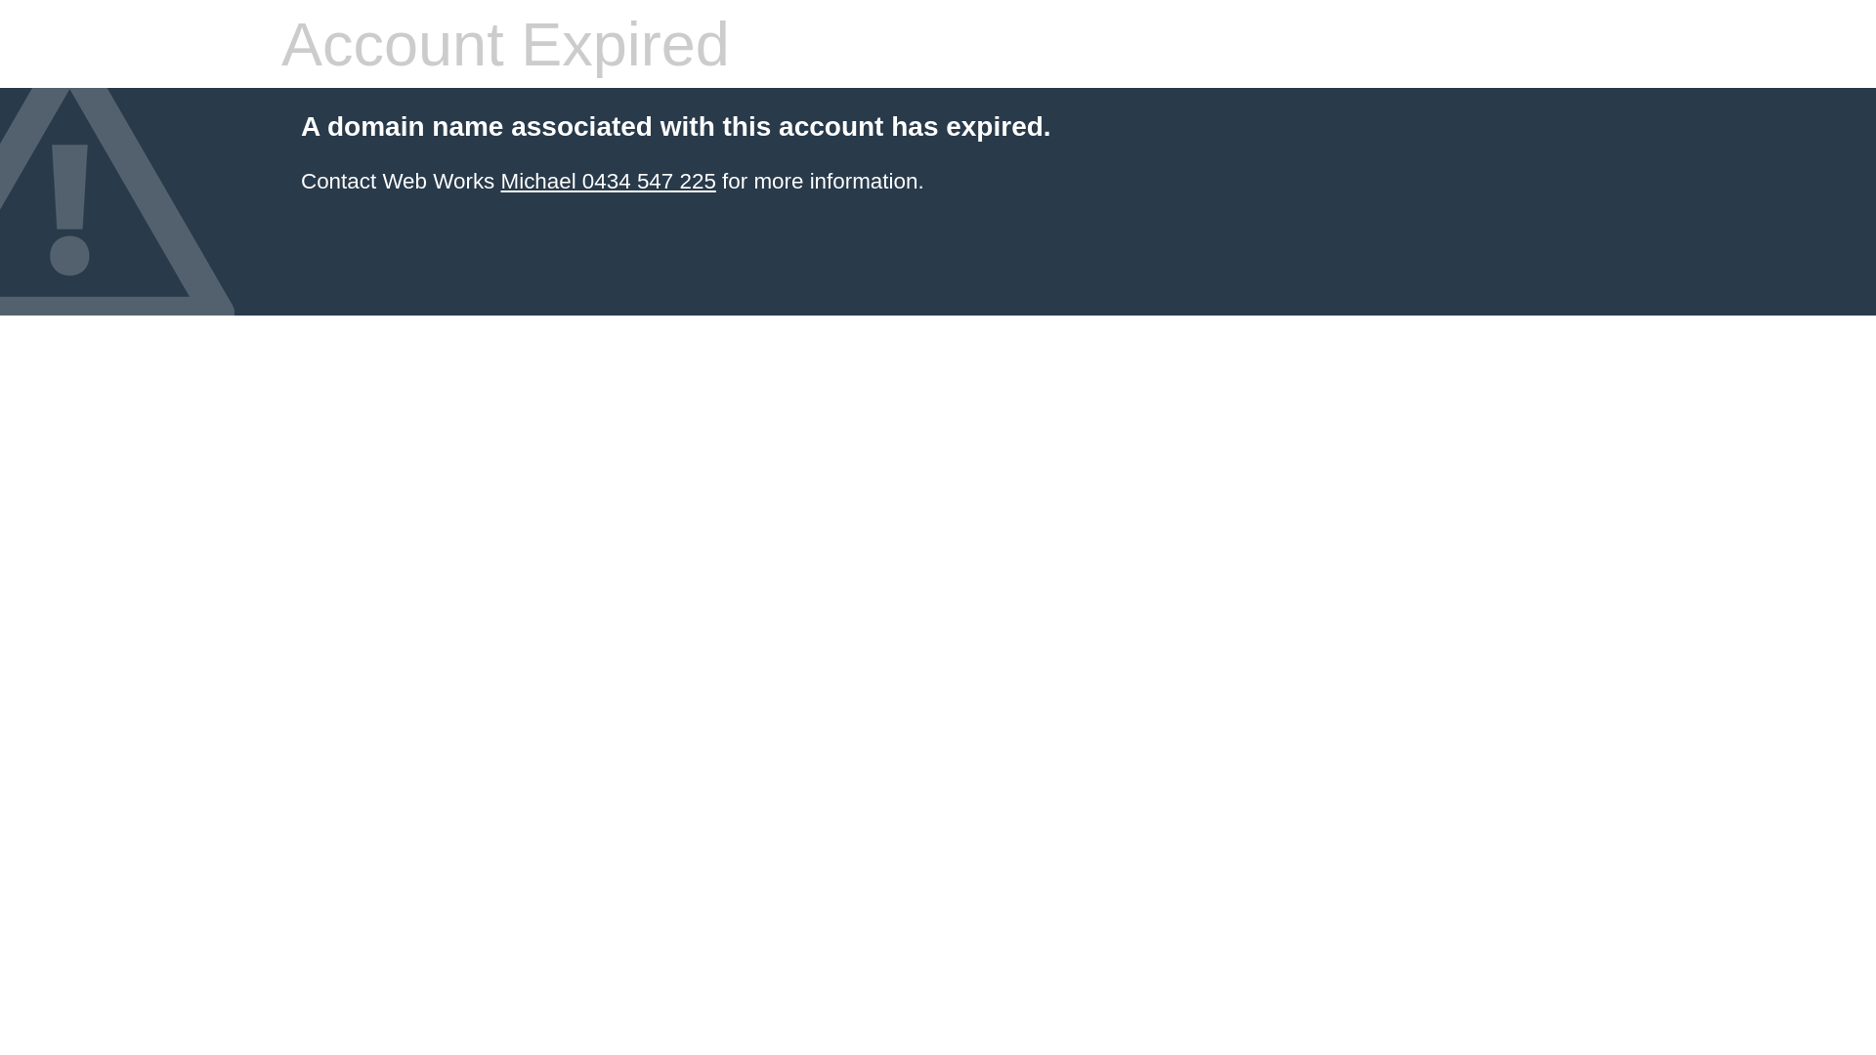 This screenshot has width=1876, height=1055. What do you see at coordinates (500, 181) in the screenshot?
I see `'Michael 0434 547 225'` at bounding box center [500, 181].